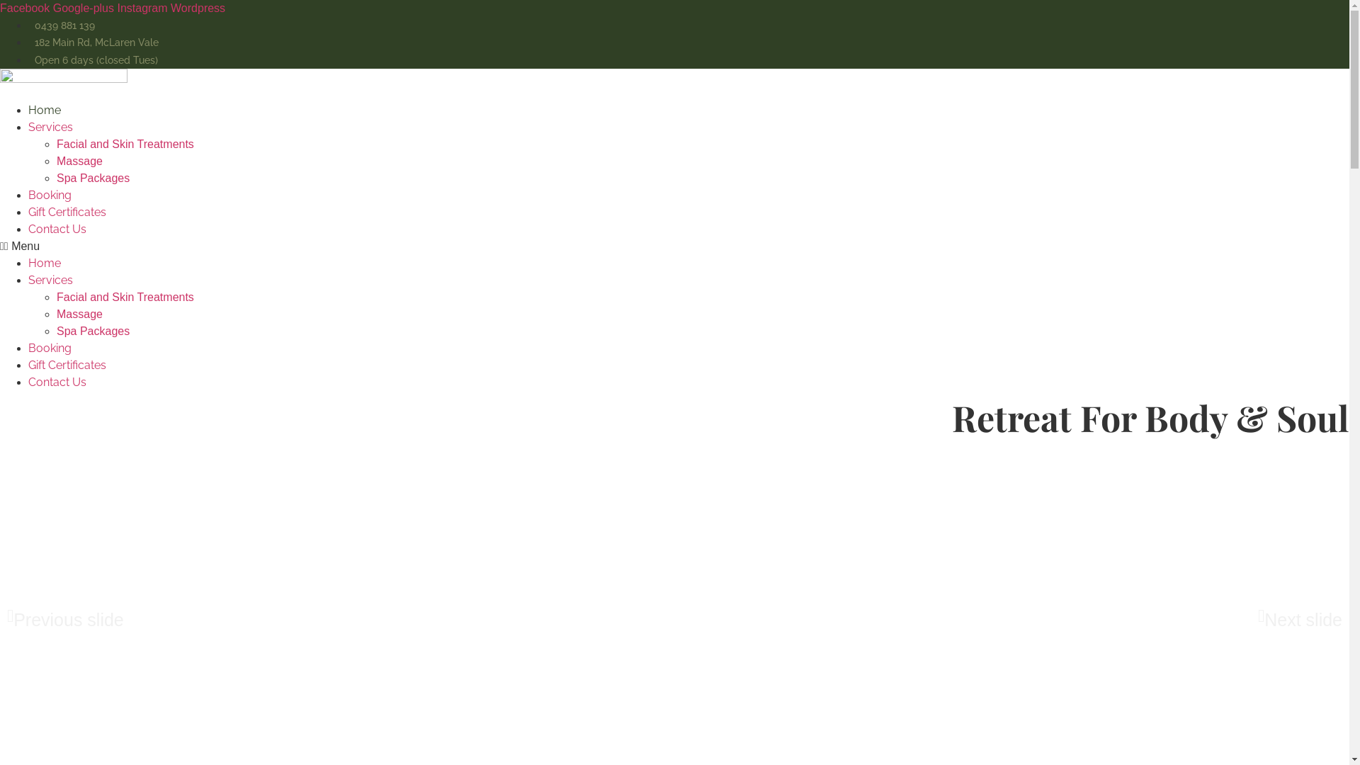 Image resolution: width=1360 pixels, height=765 pixels. What do you see at coordinates (60, 25) in the screenshot?
I see `'0439 881 139'` at bounding box center [60, 25].